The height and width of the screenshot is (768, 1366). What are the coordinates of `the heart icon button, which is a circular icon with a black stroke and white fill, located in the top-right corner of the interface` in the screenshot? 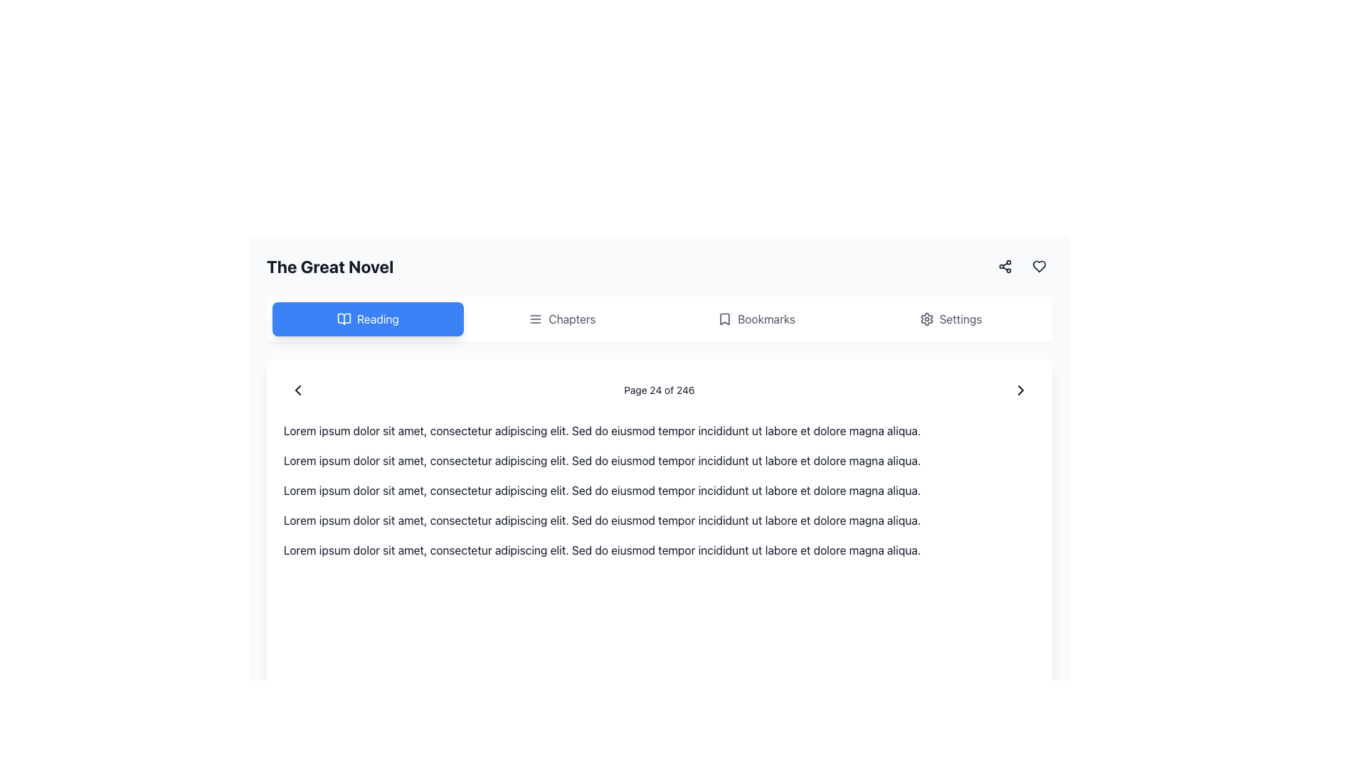 It's located at (1039, 266).